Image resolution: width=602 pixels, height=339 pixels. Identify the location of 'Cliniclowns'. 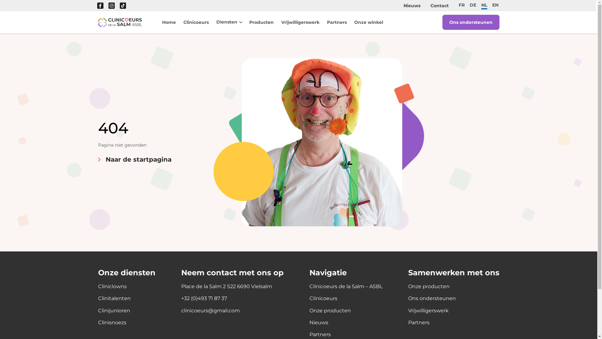
(98, 287).